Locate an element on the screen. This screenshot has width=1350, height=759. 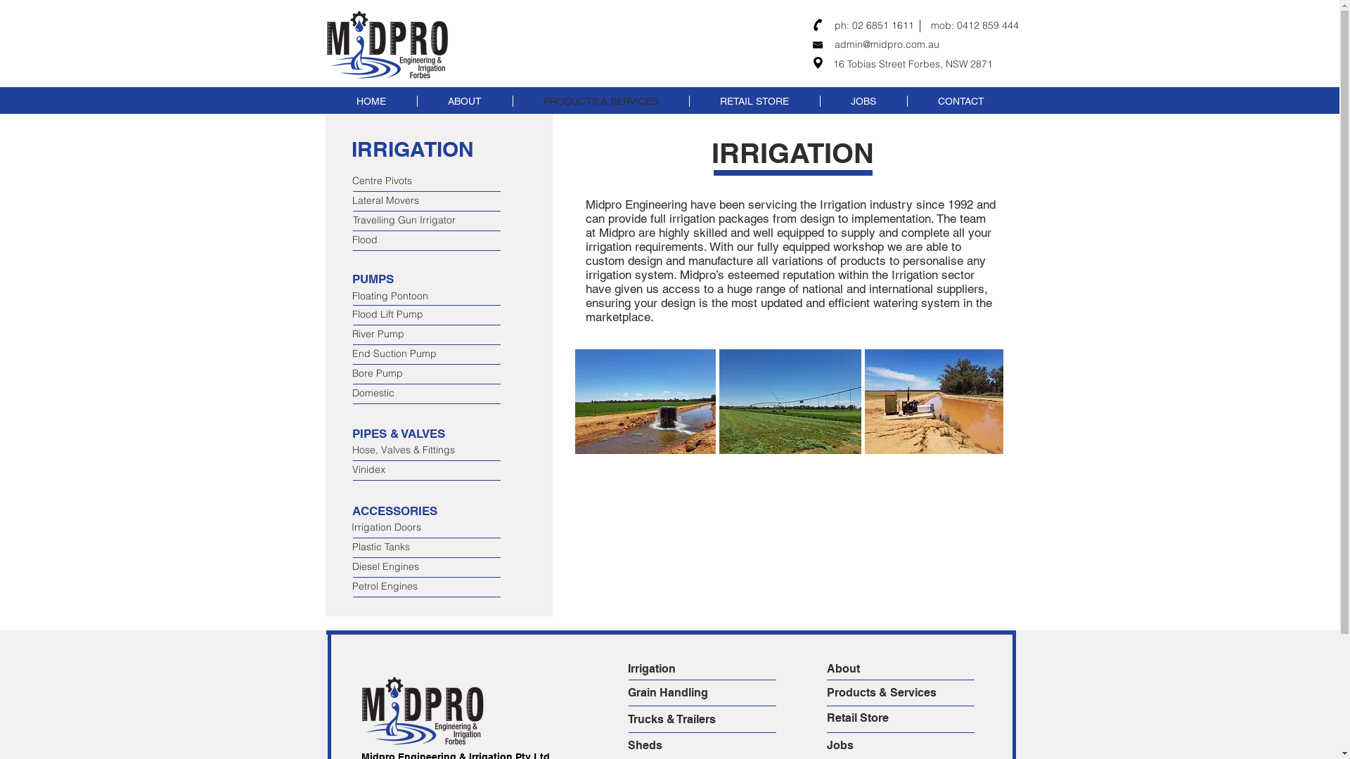
'ABOUT' is located at coordinates (464, 100).